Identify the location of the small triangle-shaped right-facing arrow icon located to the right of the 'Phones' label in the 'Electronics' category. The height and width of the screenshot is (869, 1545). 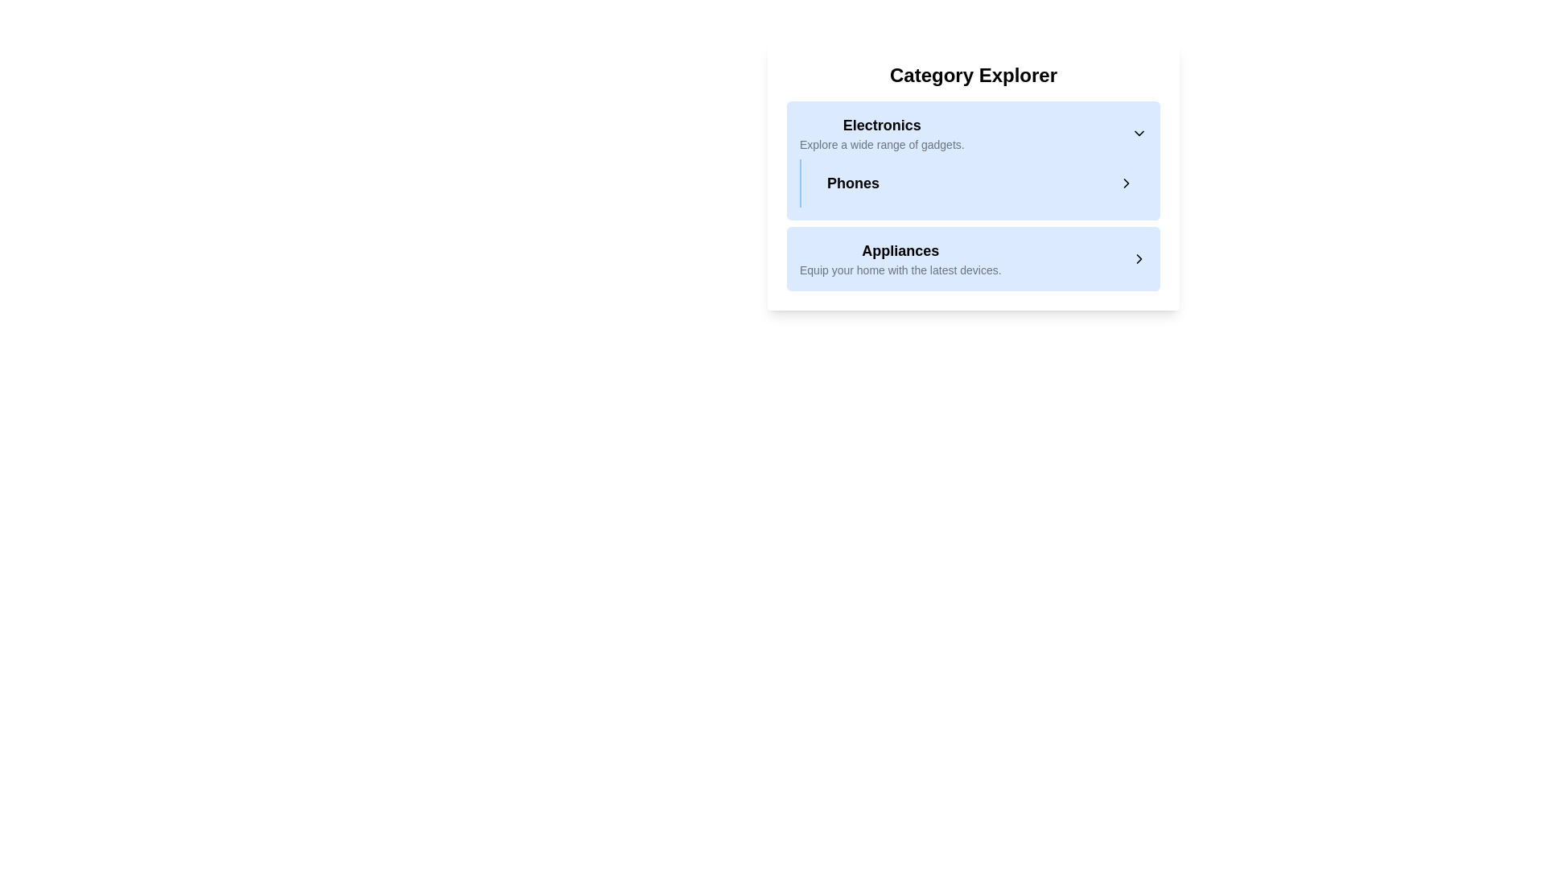
(1126, 182).